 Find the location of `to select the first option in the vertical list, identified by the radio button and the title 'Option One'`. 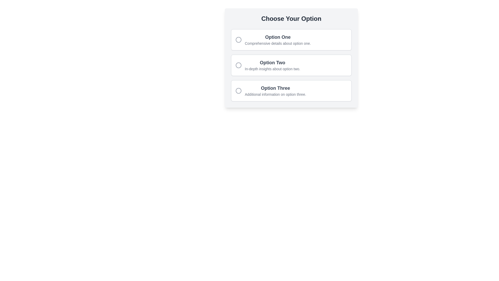

to select the first option in the vertical list, identified by the radio button and the title 'Option One' is located at coordinates (291, 40).